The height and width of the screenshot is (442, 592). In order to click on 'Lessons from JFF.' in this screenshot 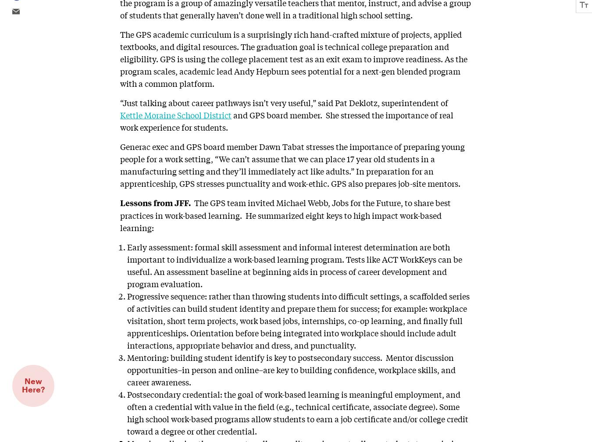, I will do `click(157, 202)`.